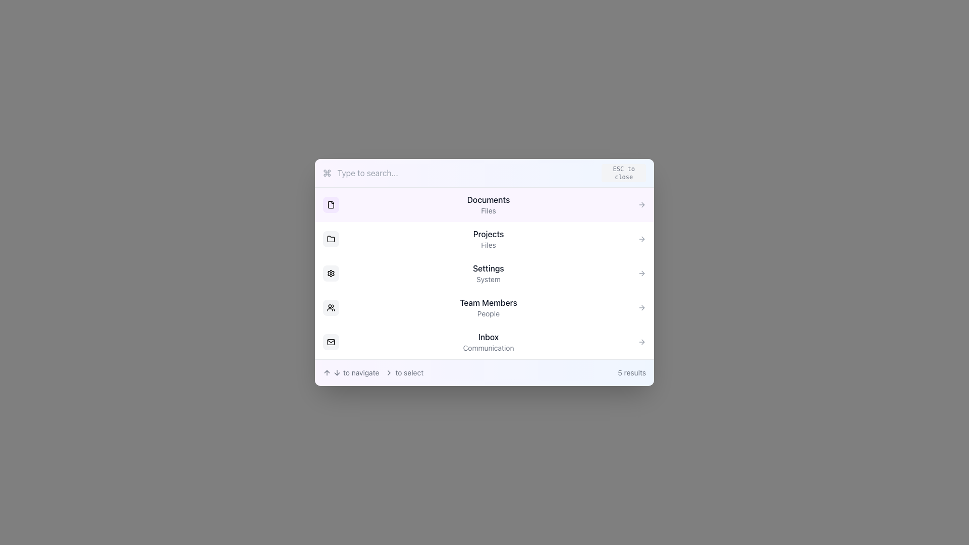 The width and height of the screenshot is (969, 545). What do you see at coordinates (489, 204) in the screenshot?
I see `the 'Documents' menu item, which features bold text above smaller italicized text, located at the top of a vertical menu with a purple background` at bounding box center [489, 204].